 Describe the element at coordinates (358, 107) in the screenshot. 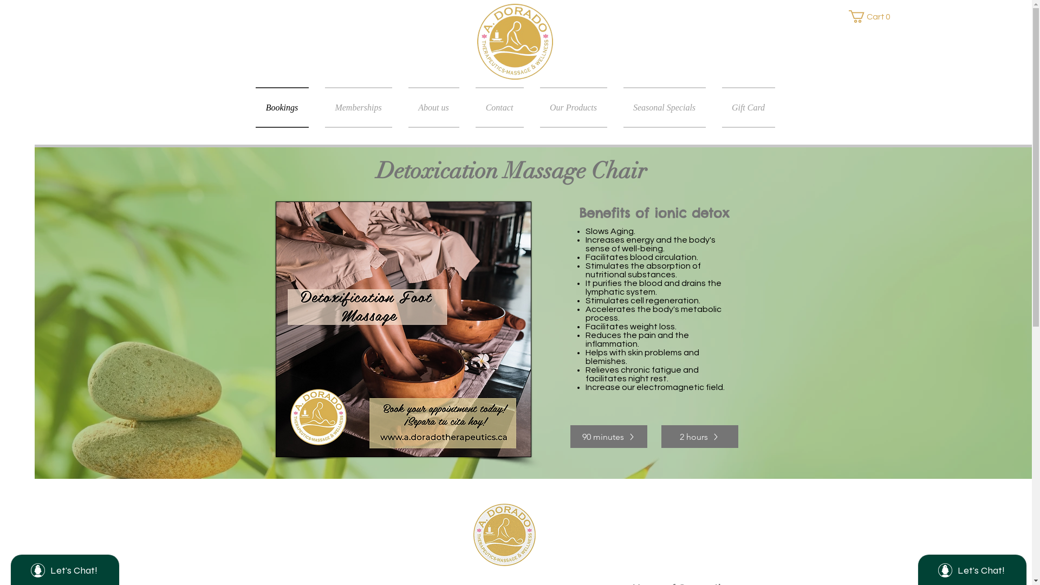

I see `'Memberships'` at that location.